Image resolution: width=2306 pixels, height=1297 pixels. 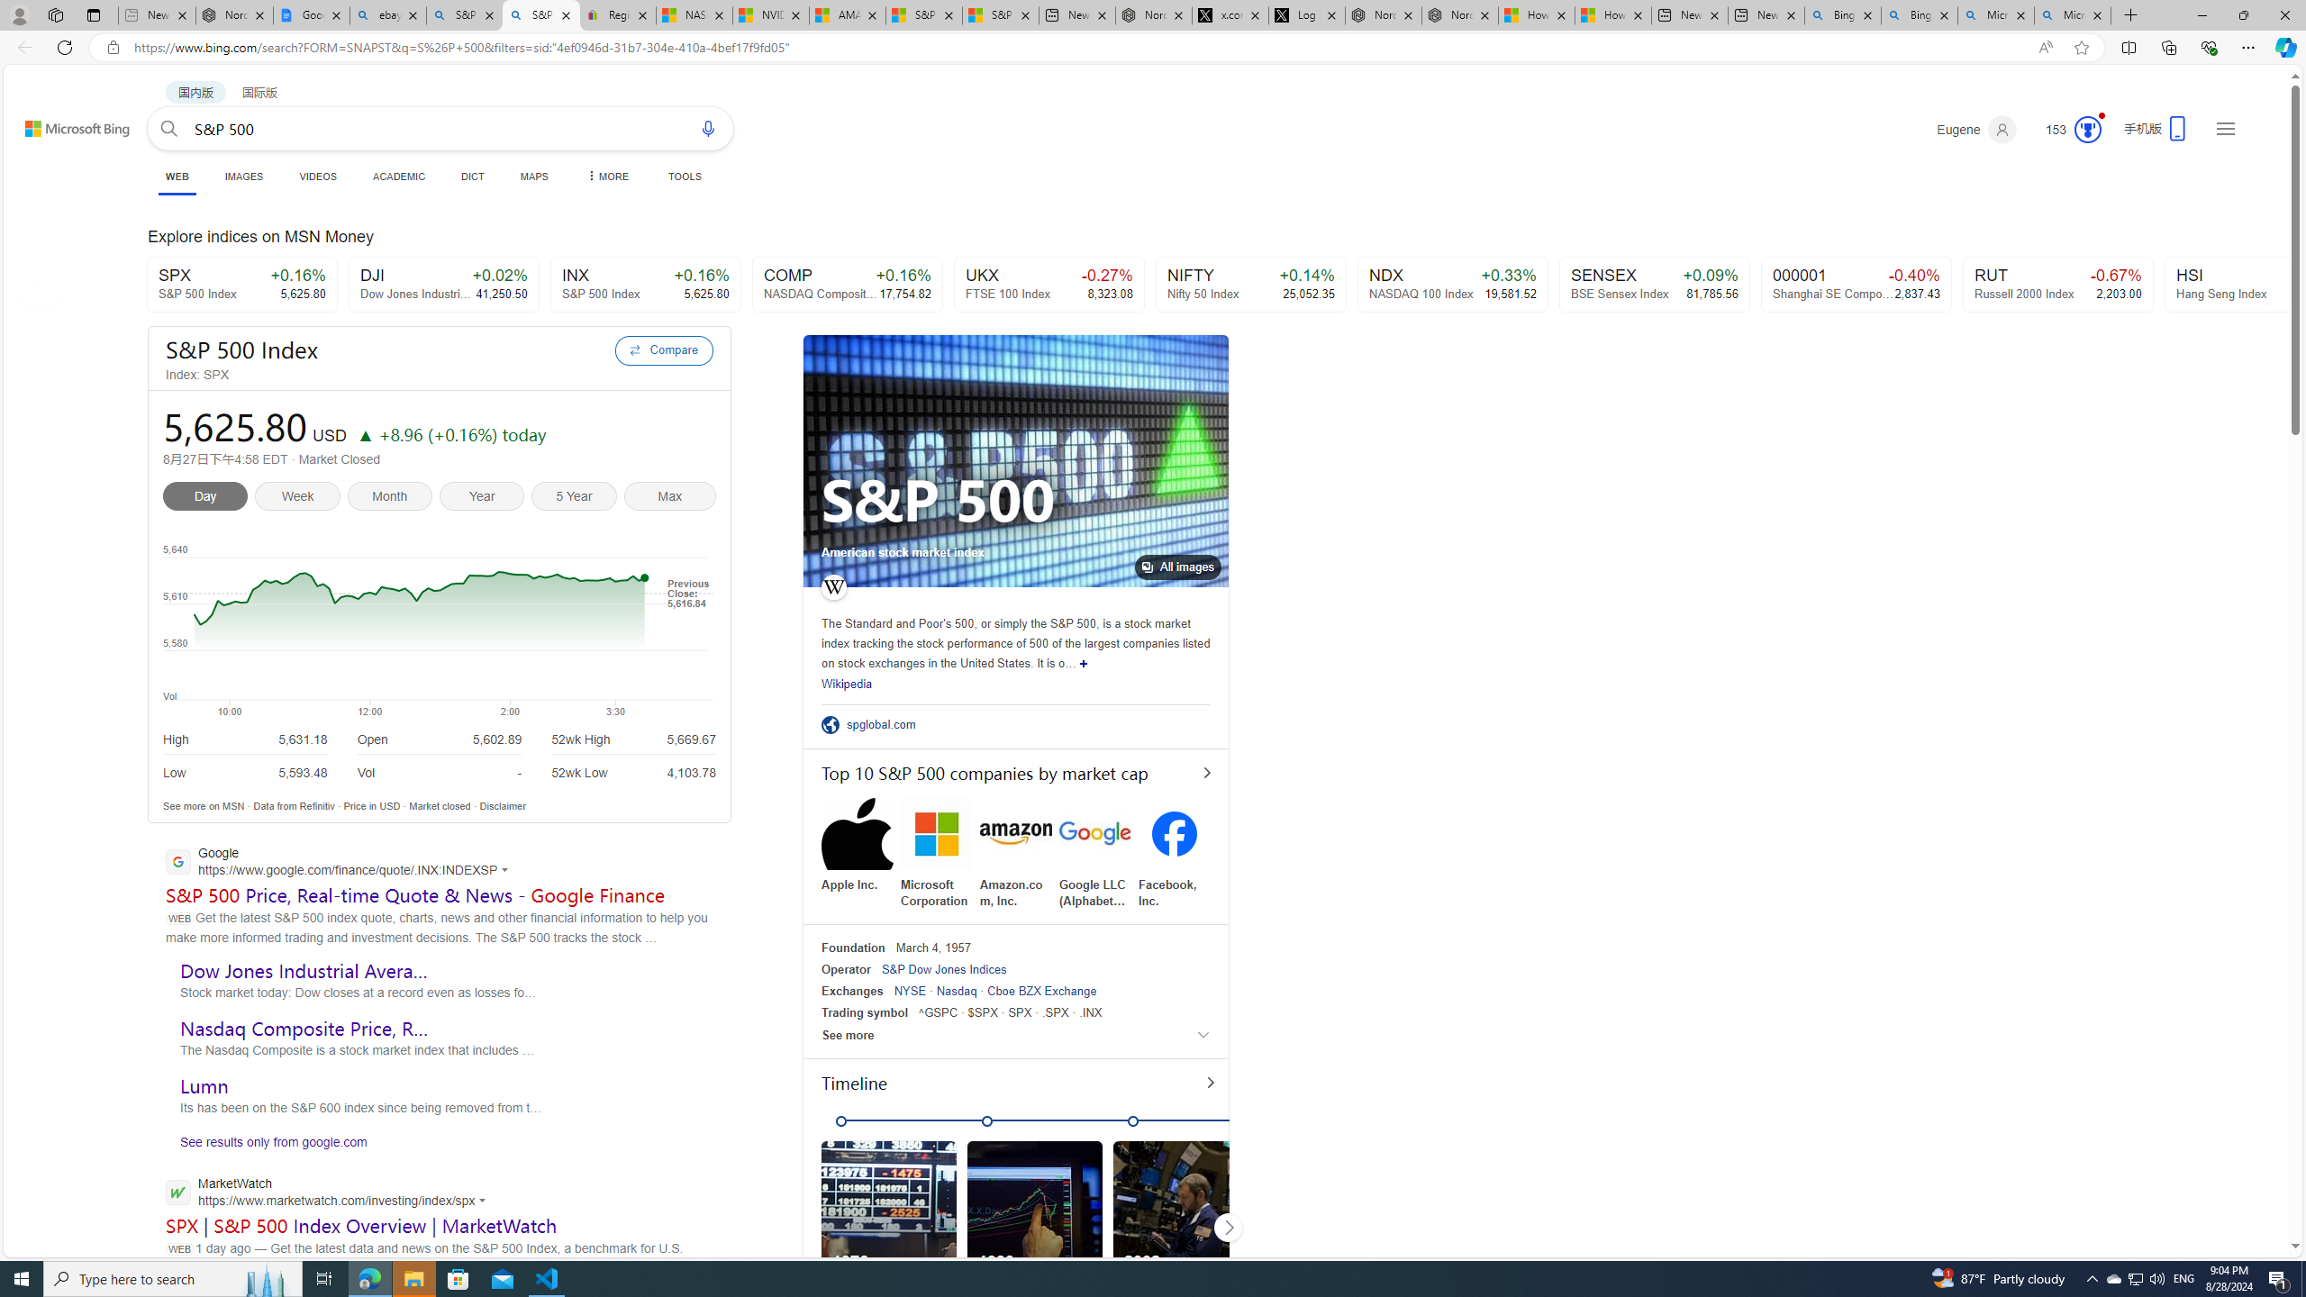 I want to click on 'Search using voice', so click(x=706, y=127).